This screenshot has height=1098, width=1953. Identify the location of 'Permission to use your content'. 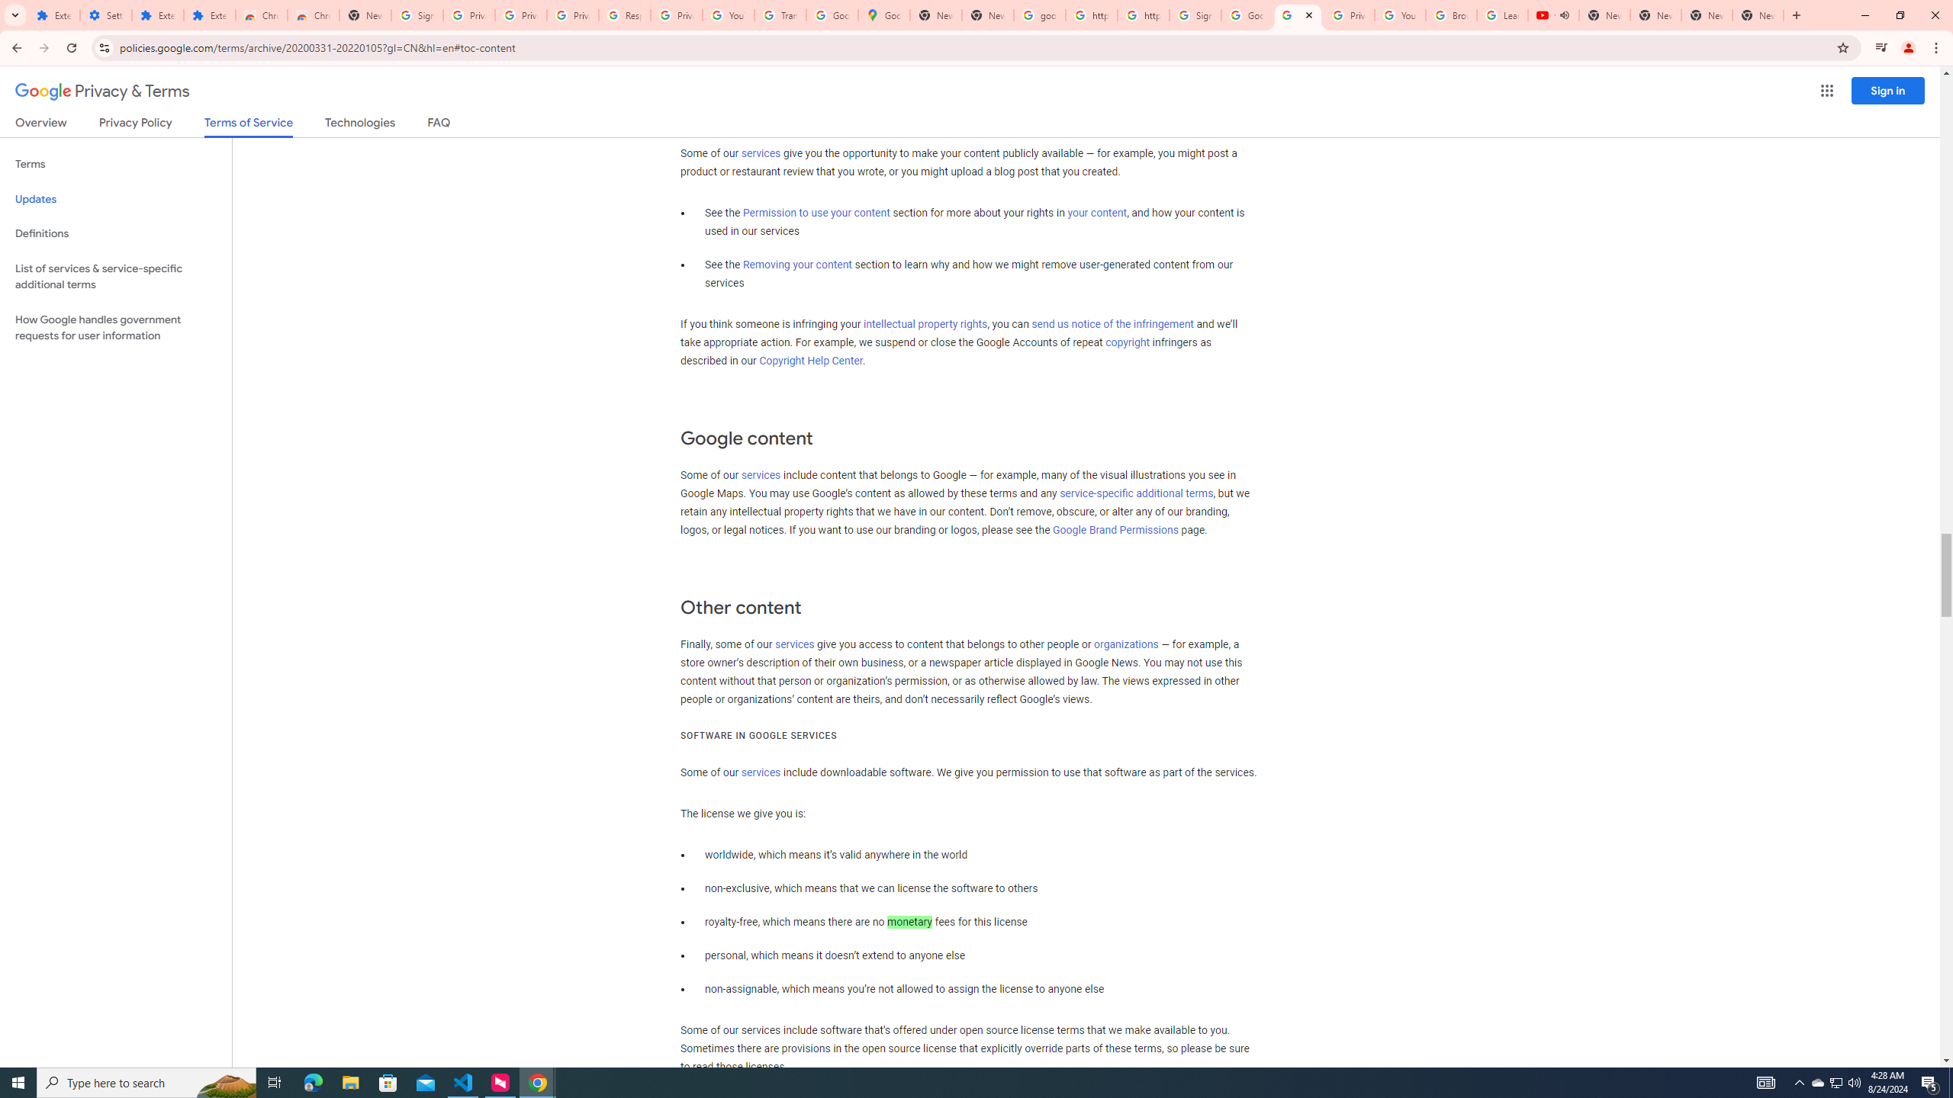
(816, 213).